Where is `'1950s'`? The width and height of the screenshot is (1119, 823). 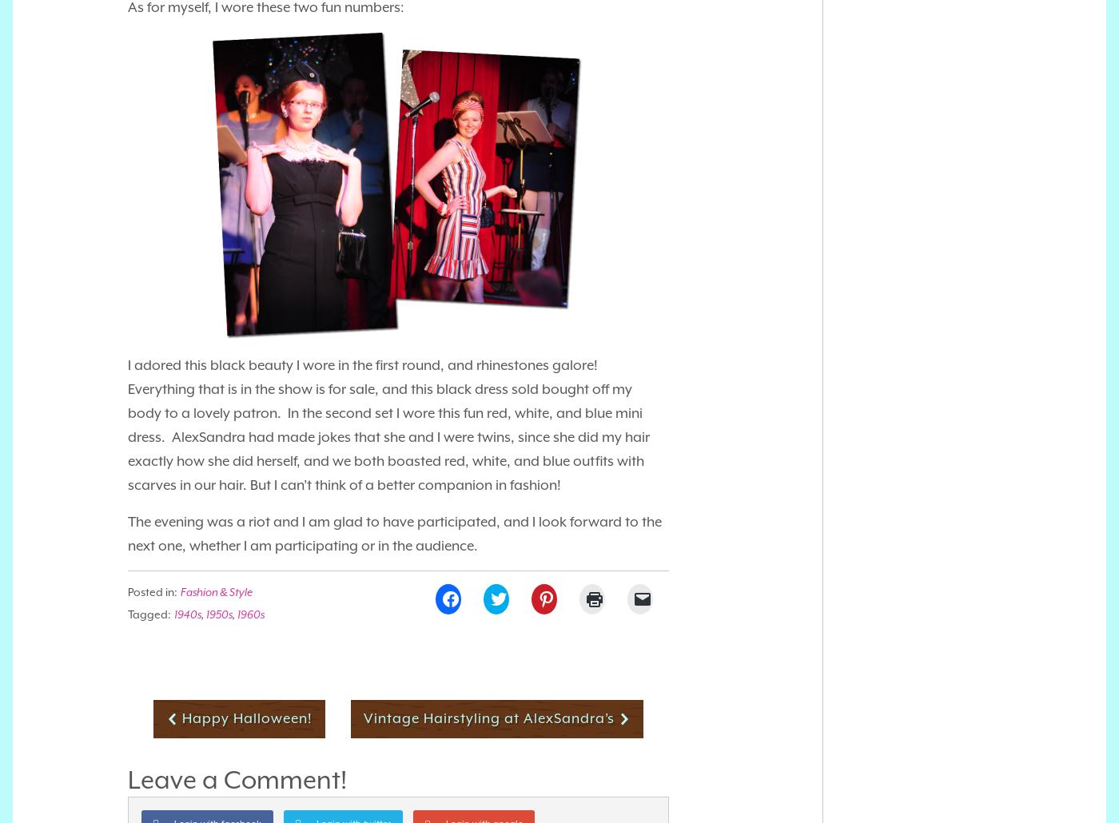
'1950s' is located at coordinates (219, 613).